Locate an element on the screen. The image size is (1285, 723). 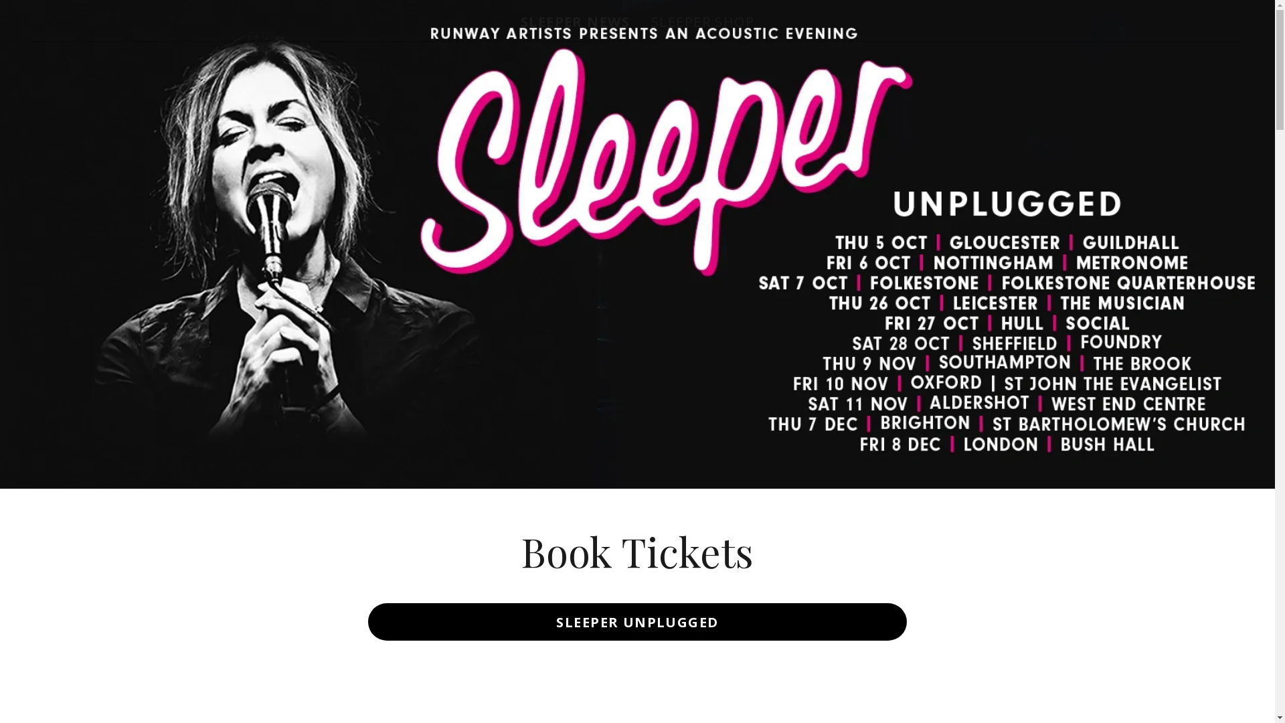
'SLEEPER NEWS' is located at coordinates (575, 22).